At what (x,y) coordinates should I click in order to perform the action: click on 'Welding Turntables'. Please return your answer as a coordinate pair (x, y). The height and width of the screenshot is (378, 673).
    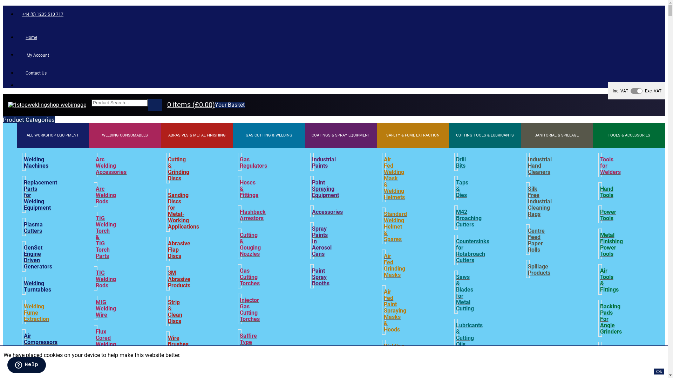
    Looking at the image, I should click on (37, 286).